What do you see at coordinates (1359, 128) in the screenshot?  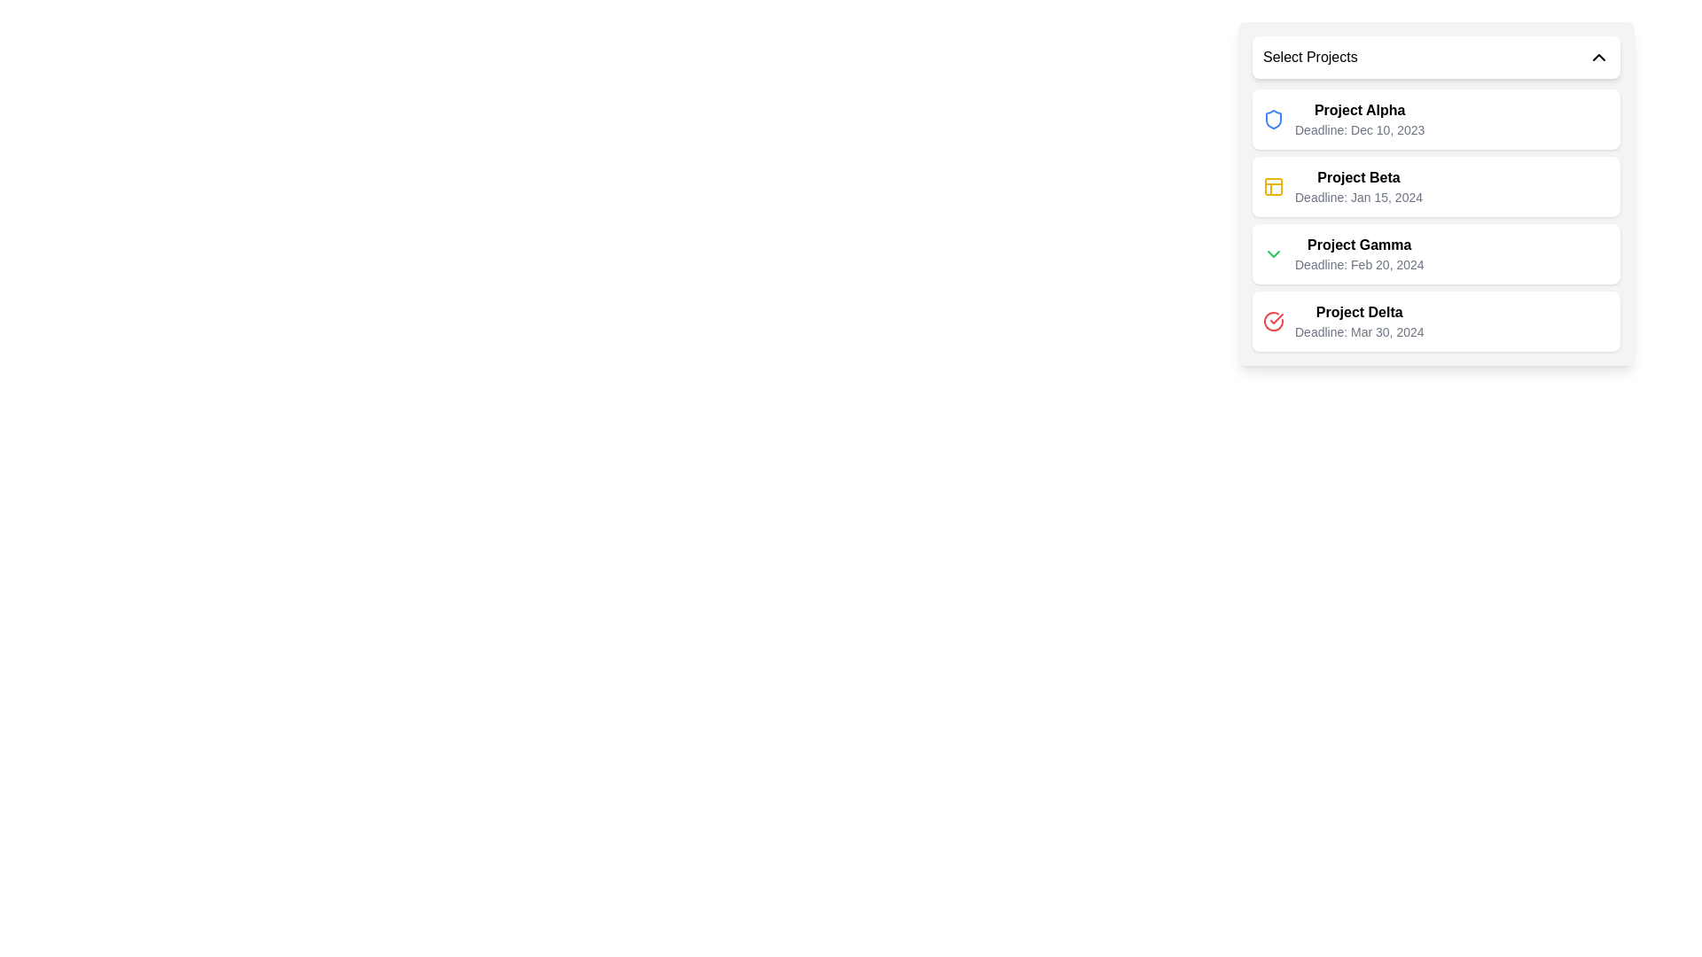 I see `deadline information displayed in the label that says 'Deadline: Dec 10, 2023', which is positioned below the 'Project Alpha' label in the project information list` at bounding box center [1359, 128].